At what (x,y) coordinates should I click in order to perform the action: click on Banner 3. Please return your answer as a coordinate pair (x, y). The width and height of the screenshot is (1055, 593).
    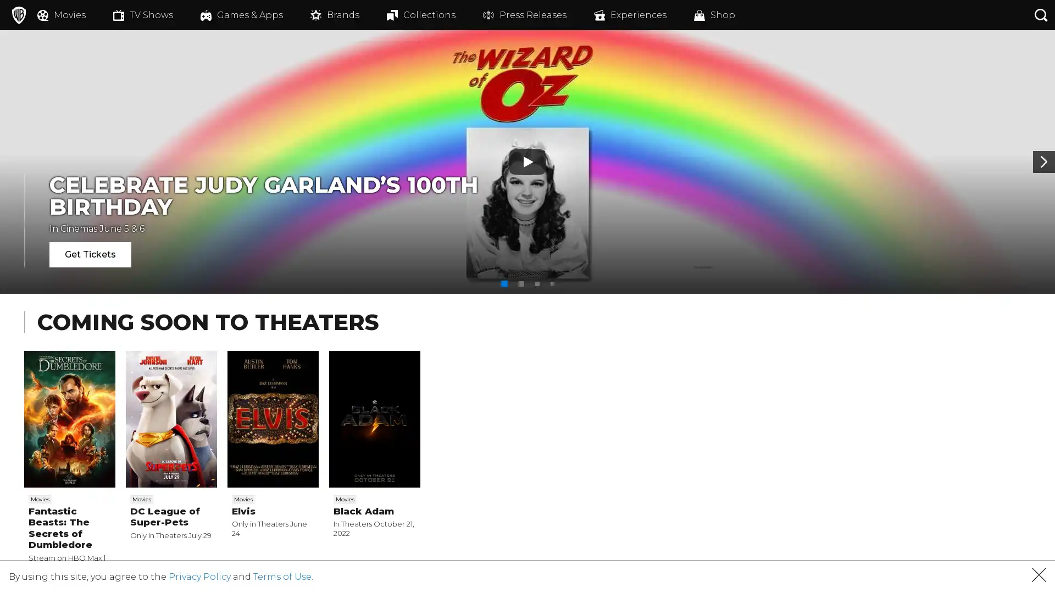
    Looking at the image, I should click on (537, 283).